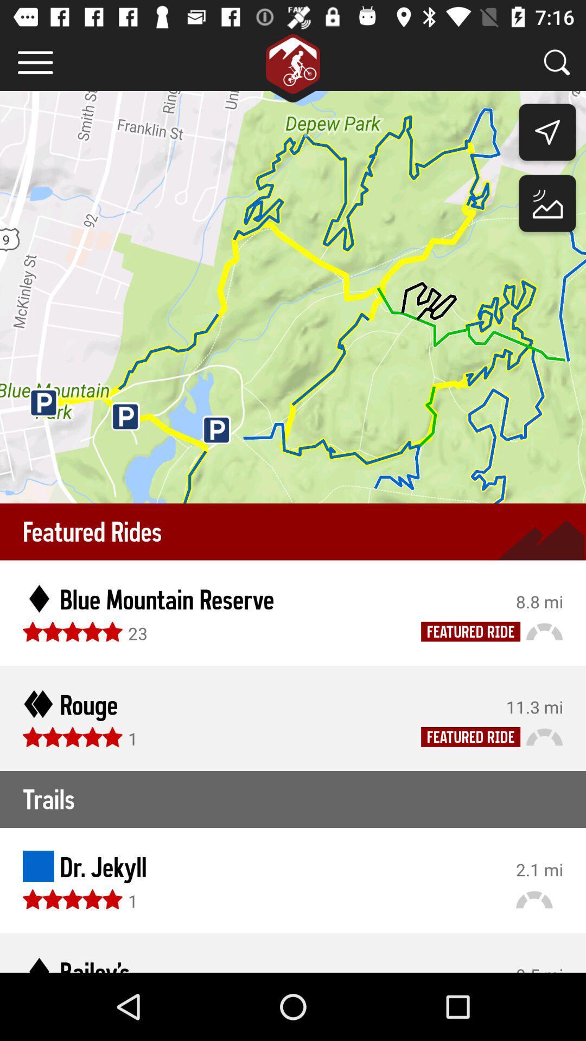 This screenshot has height=1041, width=586. I want to click on the dark shaded portion beside rides, so click(540, 541).